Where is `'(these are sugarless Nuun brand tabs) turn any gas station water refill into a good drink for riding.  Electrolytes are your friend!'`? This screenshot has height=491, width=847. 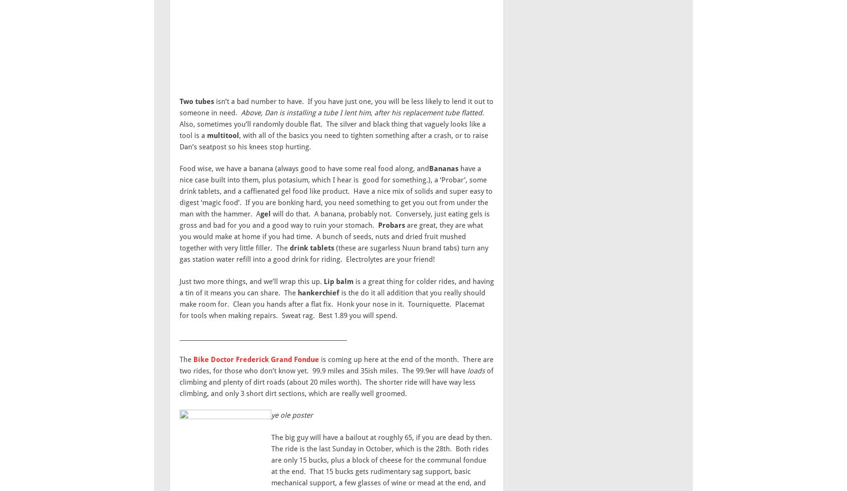 '(these are sugarless Nuun brand tabs) turn any gas station water refill into a good drink for riding.  Electrolytes are your friend!' is located at coordinates (334, 253).